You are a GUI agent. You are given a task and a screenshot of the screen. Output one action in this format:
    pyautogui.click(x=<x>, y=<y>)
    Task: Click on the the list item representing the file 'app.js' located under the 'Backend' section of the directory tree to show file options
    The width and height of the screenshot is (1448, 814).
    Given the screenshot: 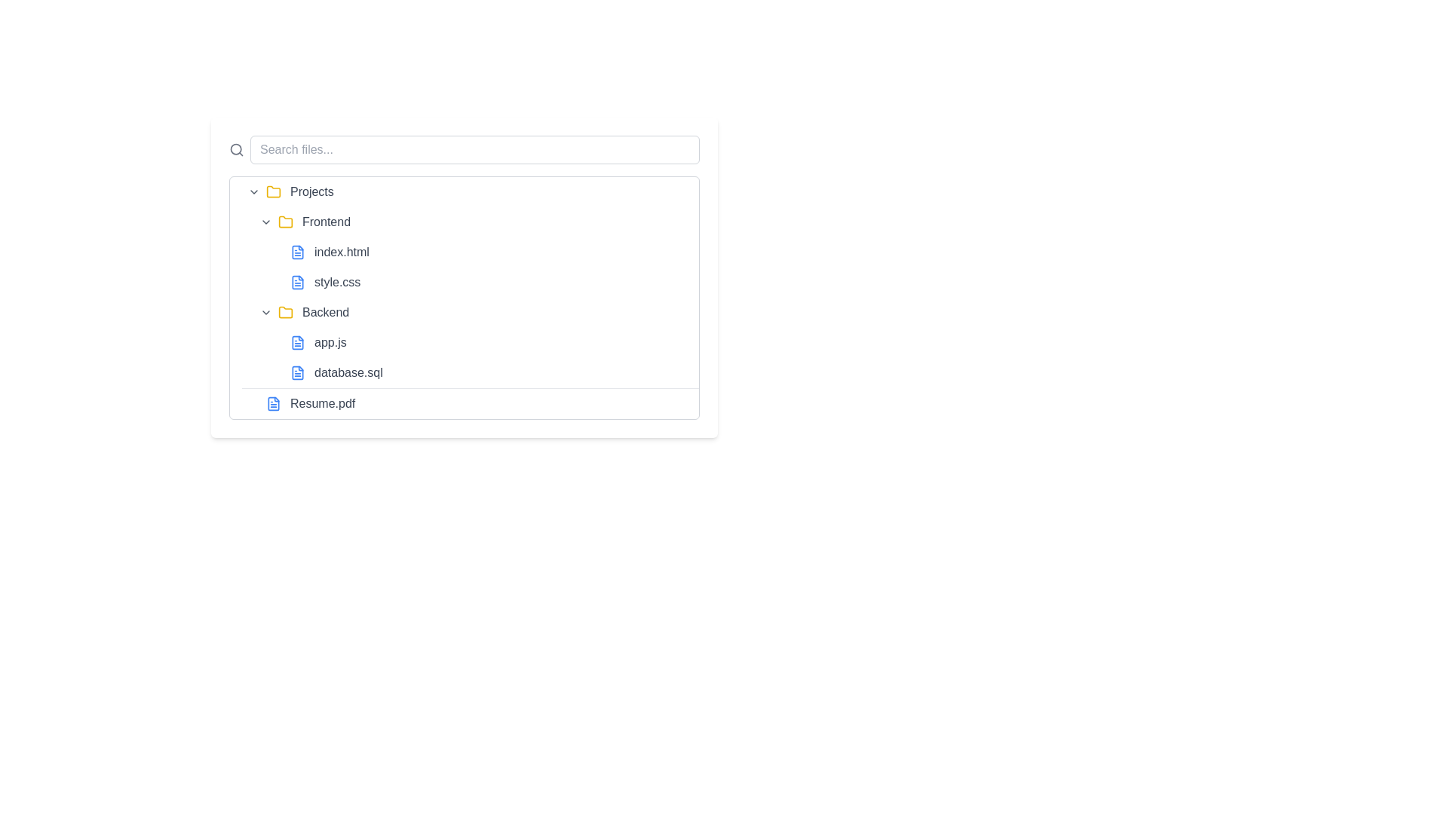 What is the action you would take?
    pyautogui.click(x=481, y=343)
    